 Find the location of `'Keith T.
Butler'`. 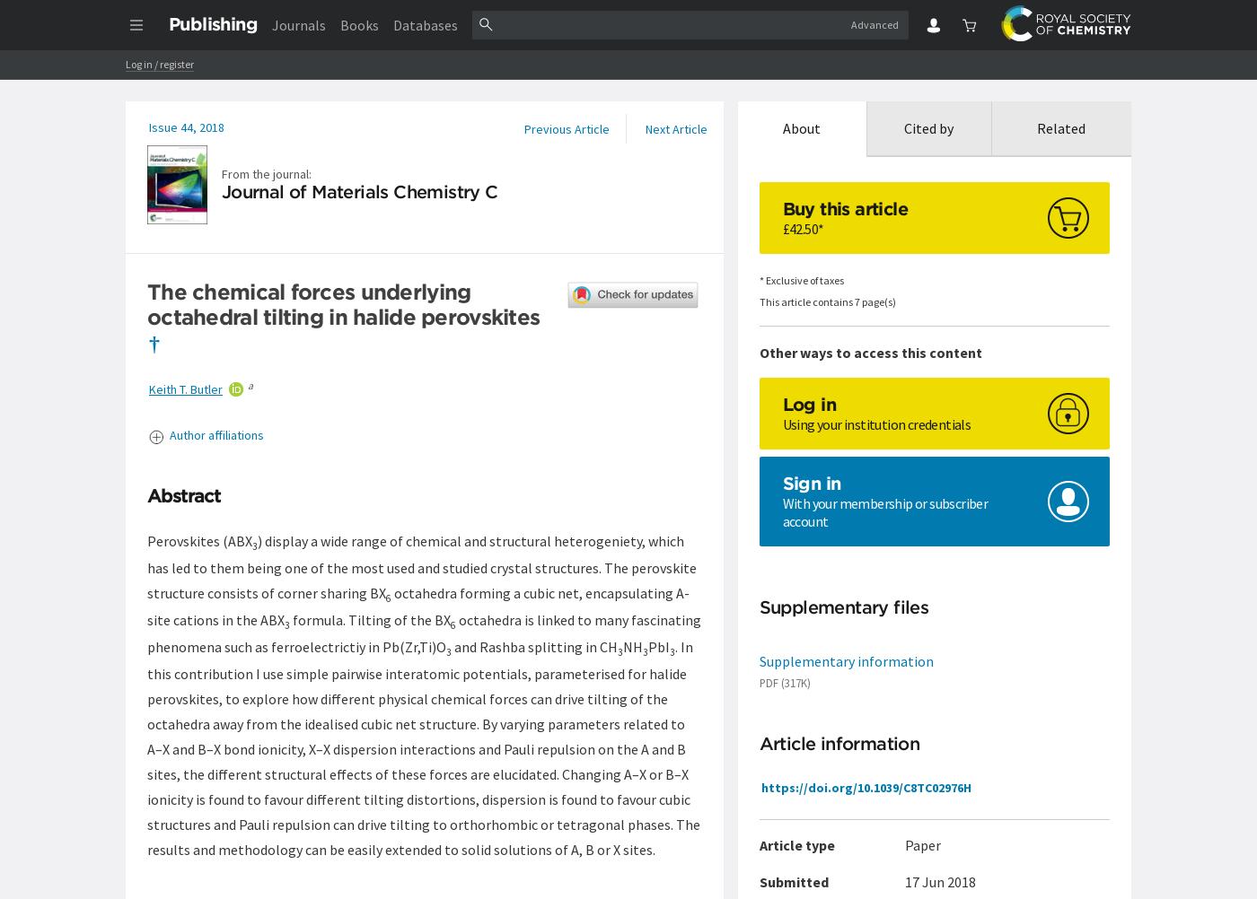

'Keith T.
Butler' is located at coordinates (186, 388).